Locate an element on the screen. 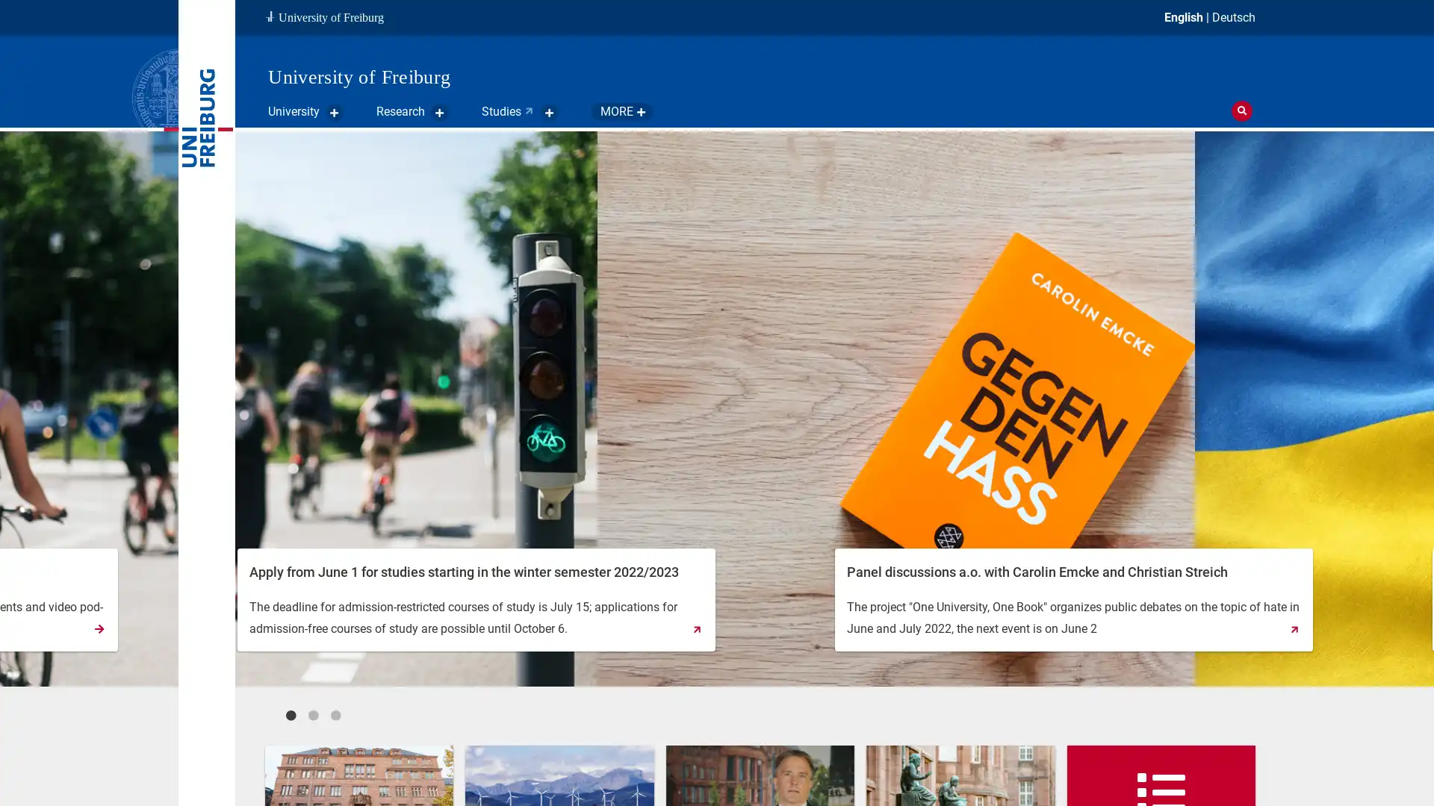  Open submenu is located at coordinates (439, 111).